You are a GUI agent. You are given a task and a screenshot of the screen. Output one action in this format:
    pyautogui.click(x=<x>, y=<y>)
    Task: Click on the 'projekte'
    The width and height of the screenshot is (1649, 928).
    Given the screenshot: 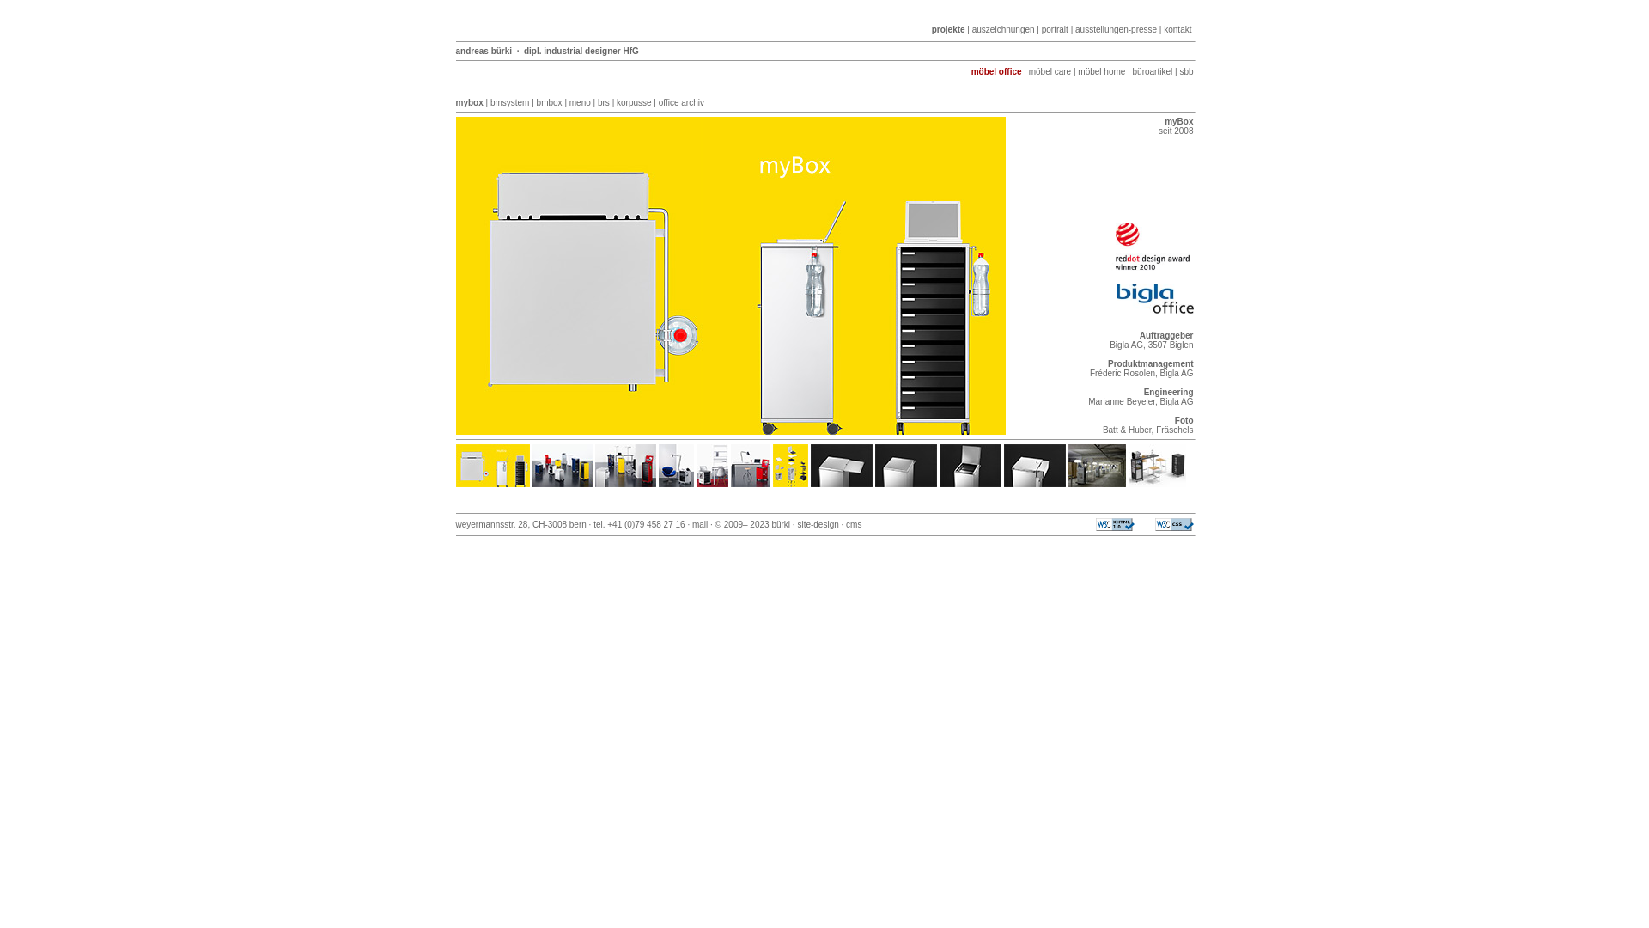 What is the action you would take?
    pyautogui.click(x=930, y=29)
    